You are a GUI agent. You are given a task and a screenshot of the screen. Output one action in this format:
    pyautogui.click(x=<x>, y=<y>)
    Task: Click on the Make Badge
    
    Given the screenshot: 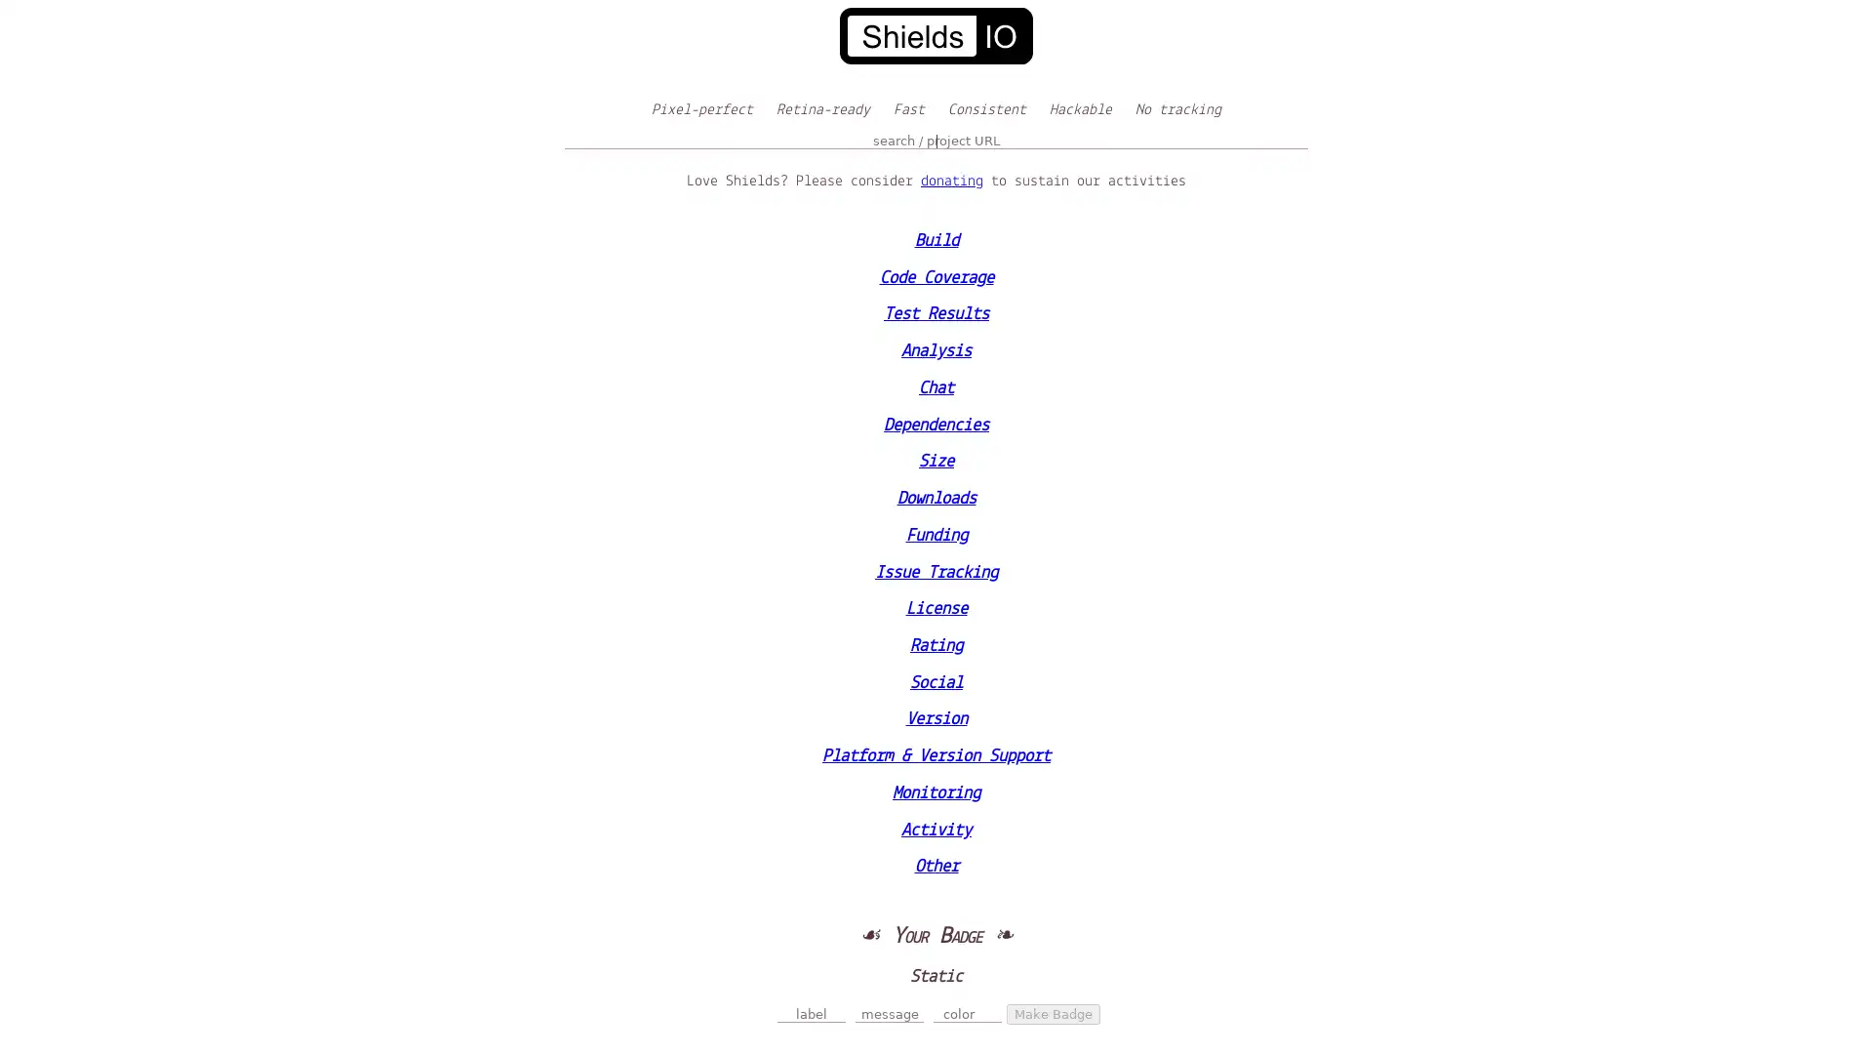 What is the action you would take?
    pyautogui.click(x=1053, y=1013)
    